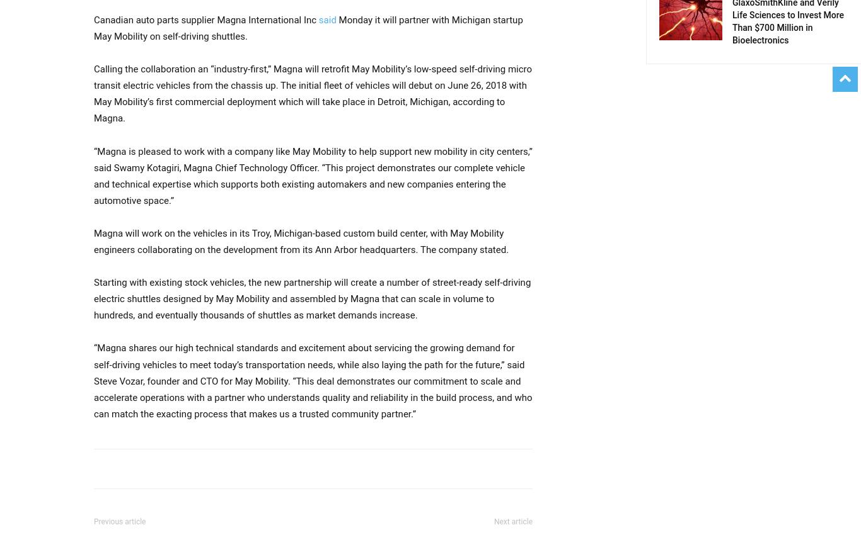 This screenshot has width=861, height=535. Describe the element at coordinates (93, 298) in the screenshot. I see `'Starting with existing stock vehicles, the new partnership will create a number of street-ready self-driving electric shuttles designed by May Mobility and assembled by Magna that can scale in volume to hundreds, and eventually thousands of shuttles as market demands increase.'` at that location.